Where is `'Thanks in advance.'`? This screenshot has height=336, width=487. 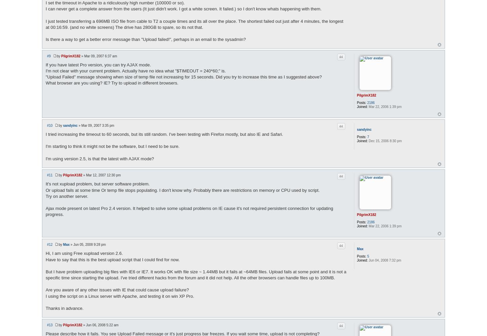
'Thanks in advance.' is located at coordinates (64, 308).